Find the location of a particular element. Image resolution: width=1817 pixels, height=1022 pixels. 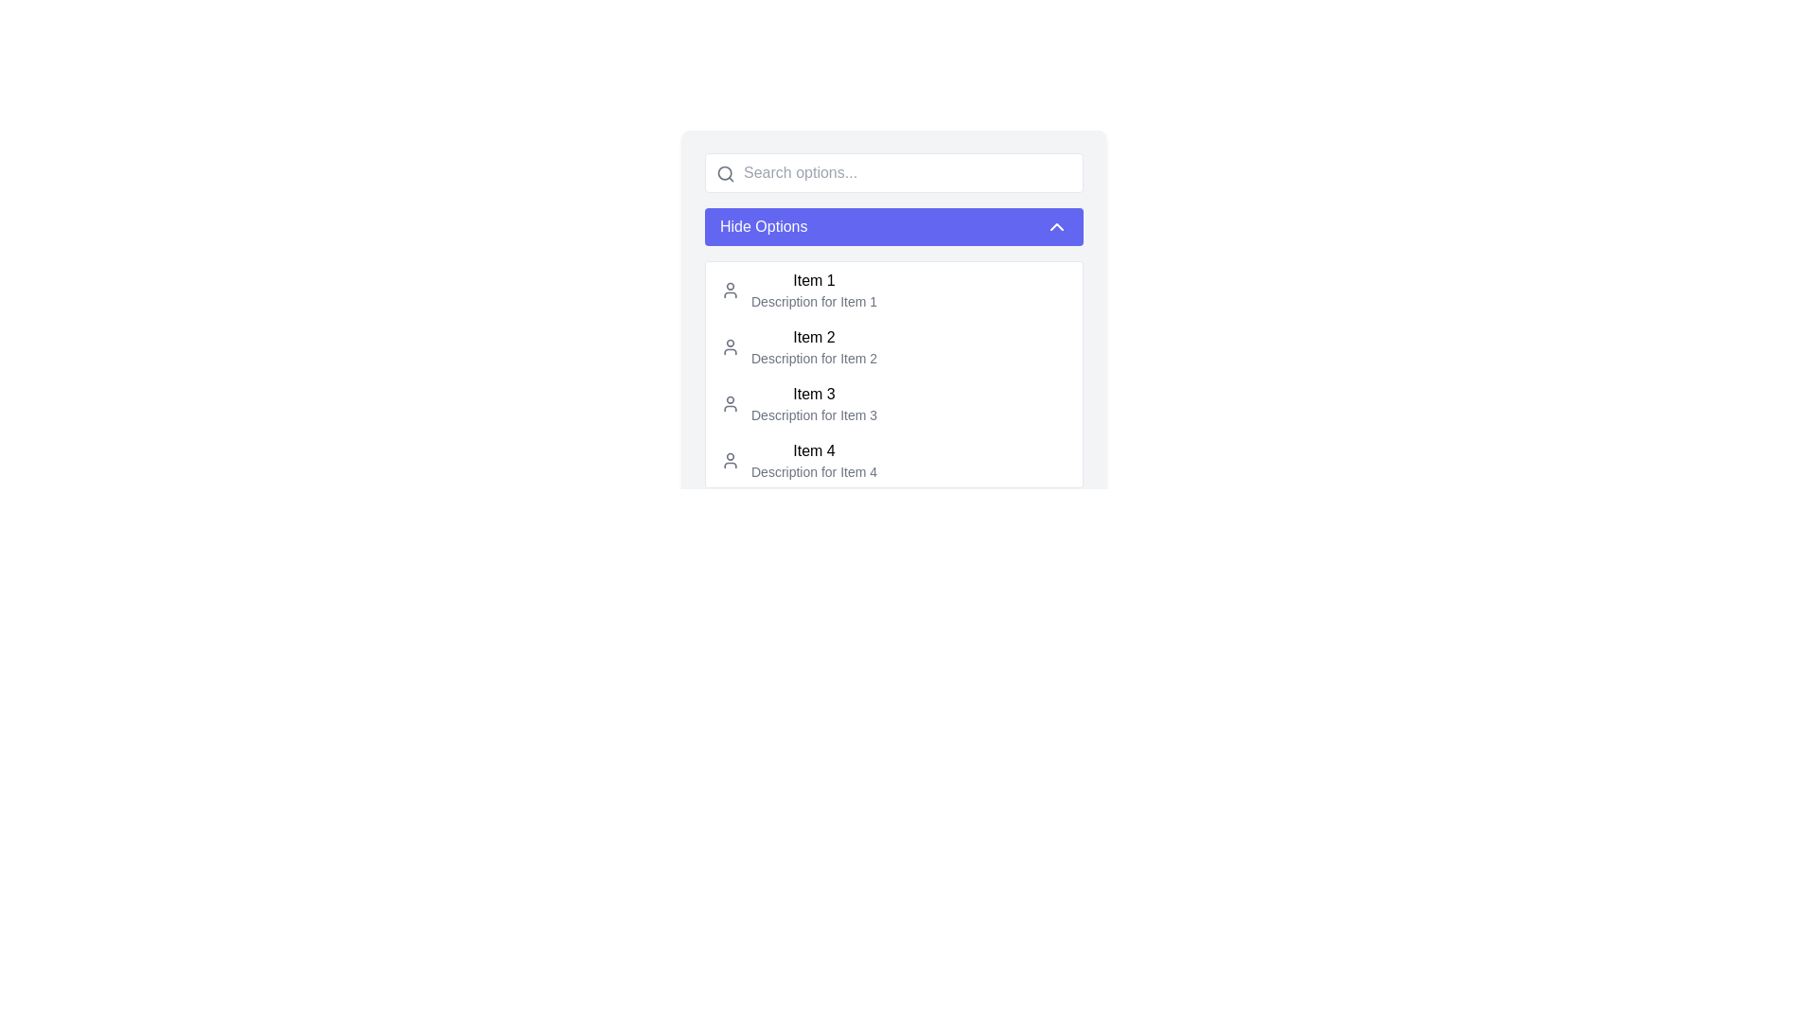

the user silhouette icon located in the second list item, which precedes the text 'Item 2' and 'Description for Item 2.' is located at coordinates (730, 346).